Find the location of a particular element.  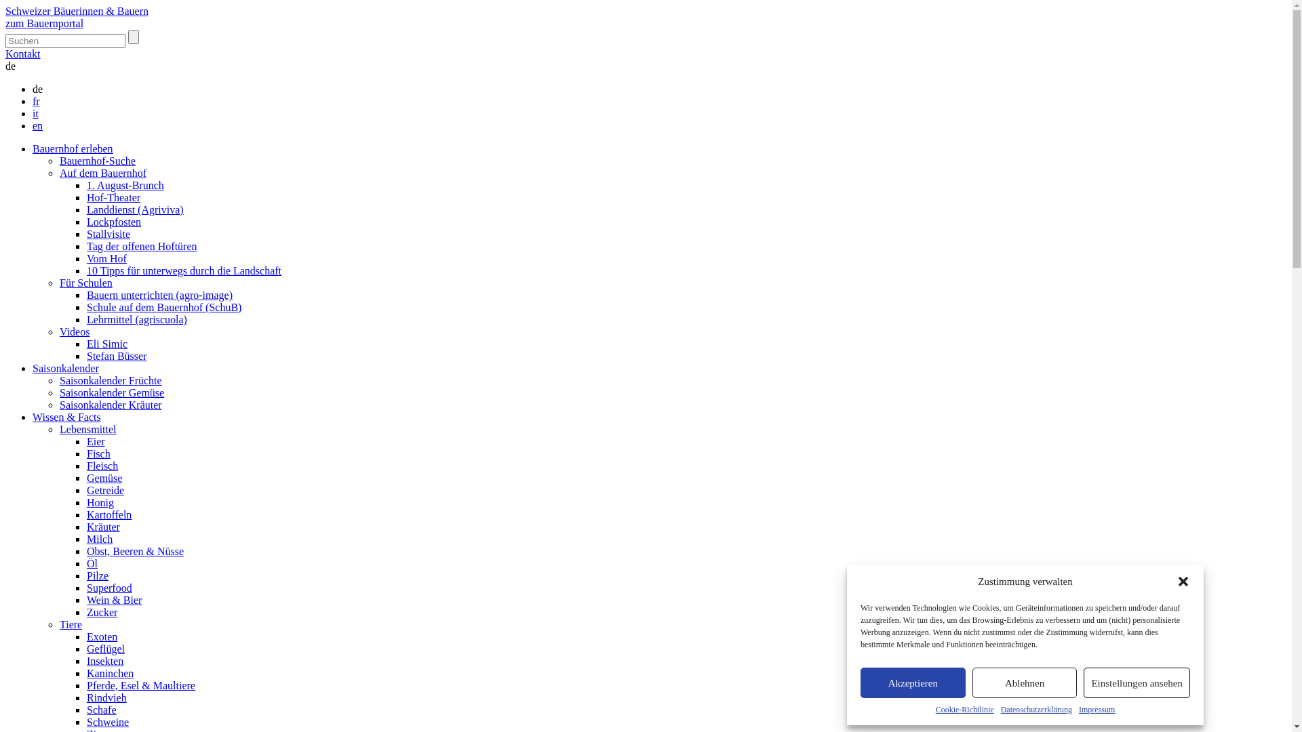

'Eier' is located at coordinates (95, 441).